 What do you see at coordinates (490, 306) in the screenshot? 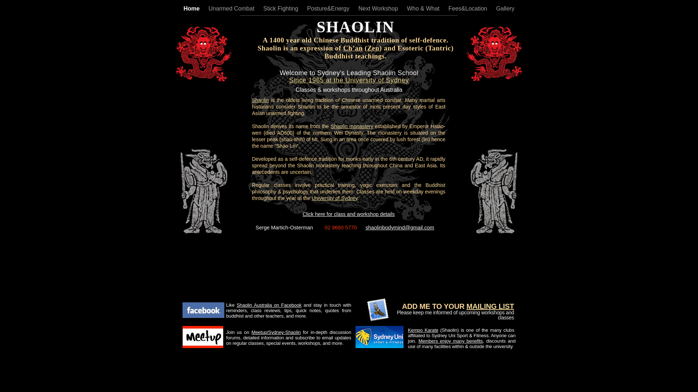
I see `'MAILING LIST'` at bounding box center [490, 306].